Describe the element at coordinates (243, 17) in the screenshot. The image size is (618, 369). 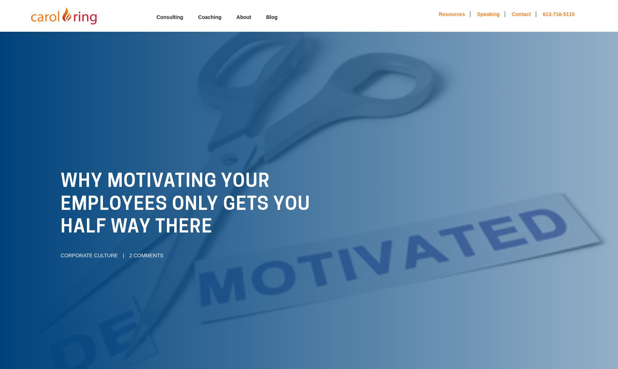
I see `'About'` at that location.